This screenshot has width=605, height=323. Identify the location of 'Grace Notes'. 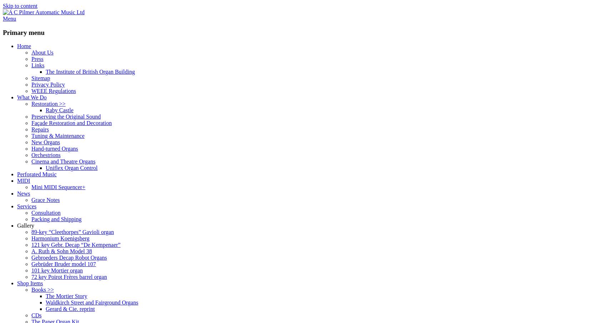
(45, 200).